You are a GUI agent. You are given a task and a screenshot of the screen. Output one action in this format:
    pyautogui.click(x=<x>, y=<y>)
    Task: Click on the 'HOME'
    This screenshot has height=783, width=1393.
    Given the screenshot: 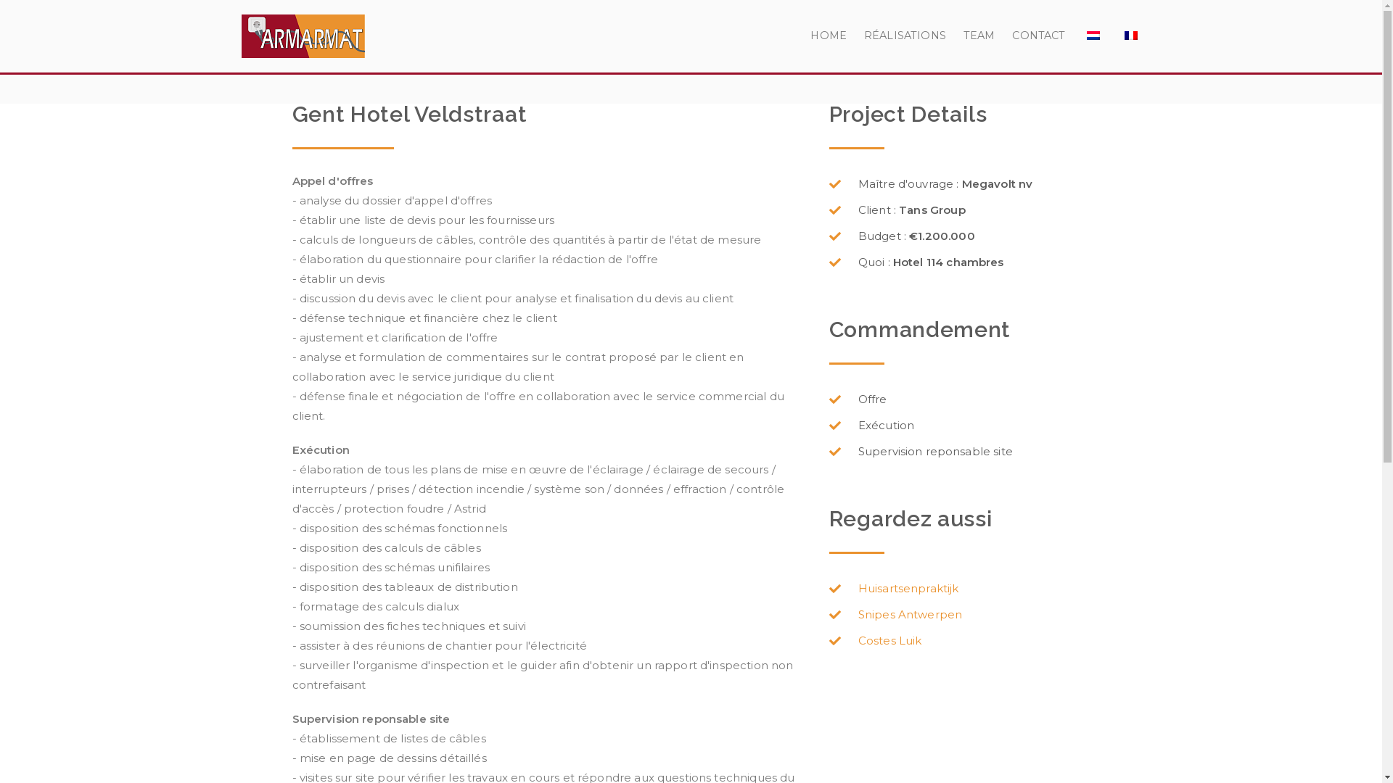 What is the action you would take?
    pyautogui.click(x=829, y=36)
    